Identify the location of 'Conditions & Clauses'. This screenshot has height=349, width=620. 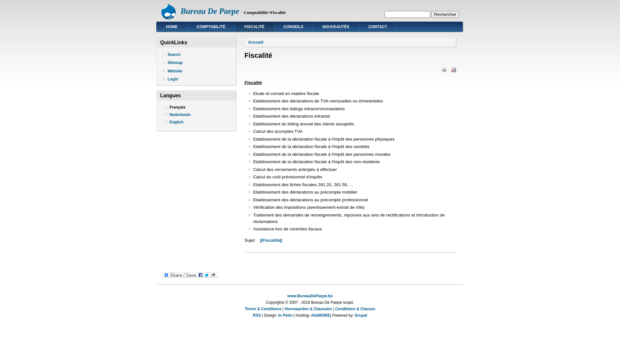
(355, 309).